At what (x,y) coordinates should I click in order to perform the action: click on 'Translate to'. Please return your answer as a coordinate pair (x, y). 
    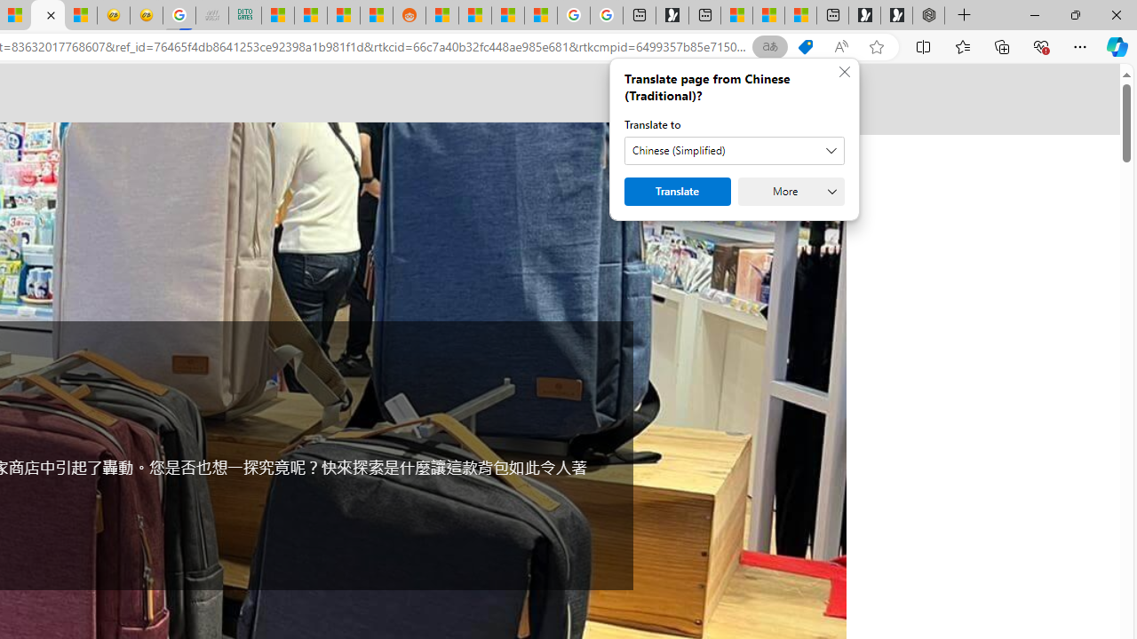
    Looking at the image, I should click on (734, 149).